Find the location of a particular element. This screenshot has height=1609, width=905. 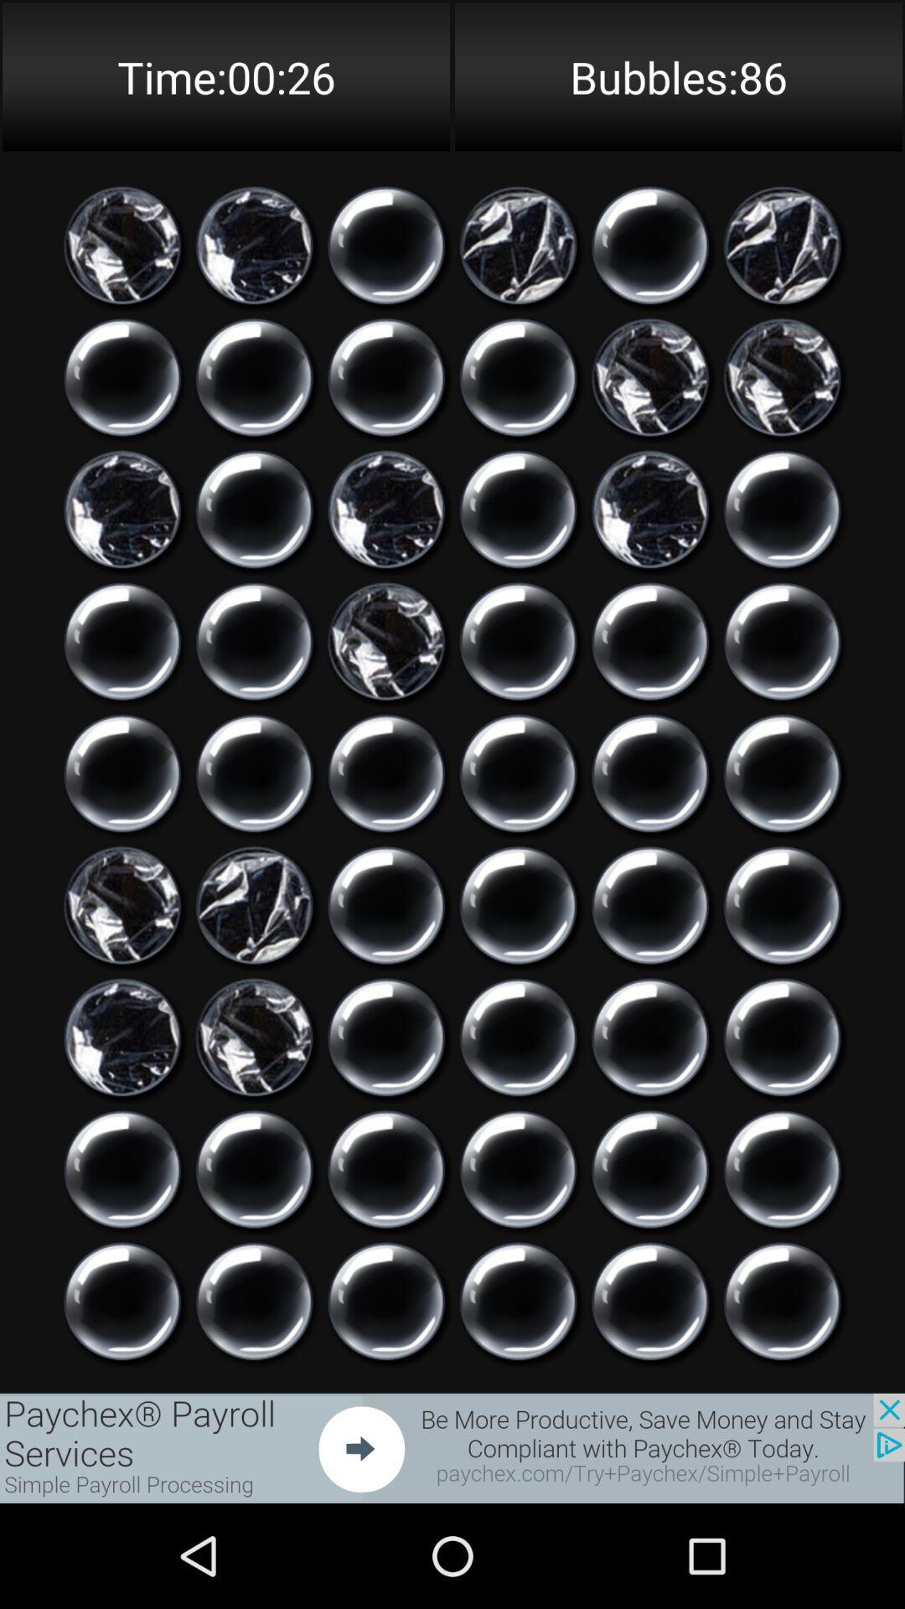

pop this bubble is located at coordinates (517, 245).